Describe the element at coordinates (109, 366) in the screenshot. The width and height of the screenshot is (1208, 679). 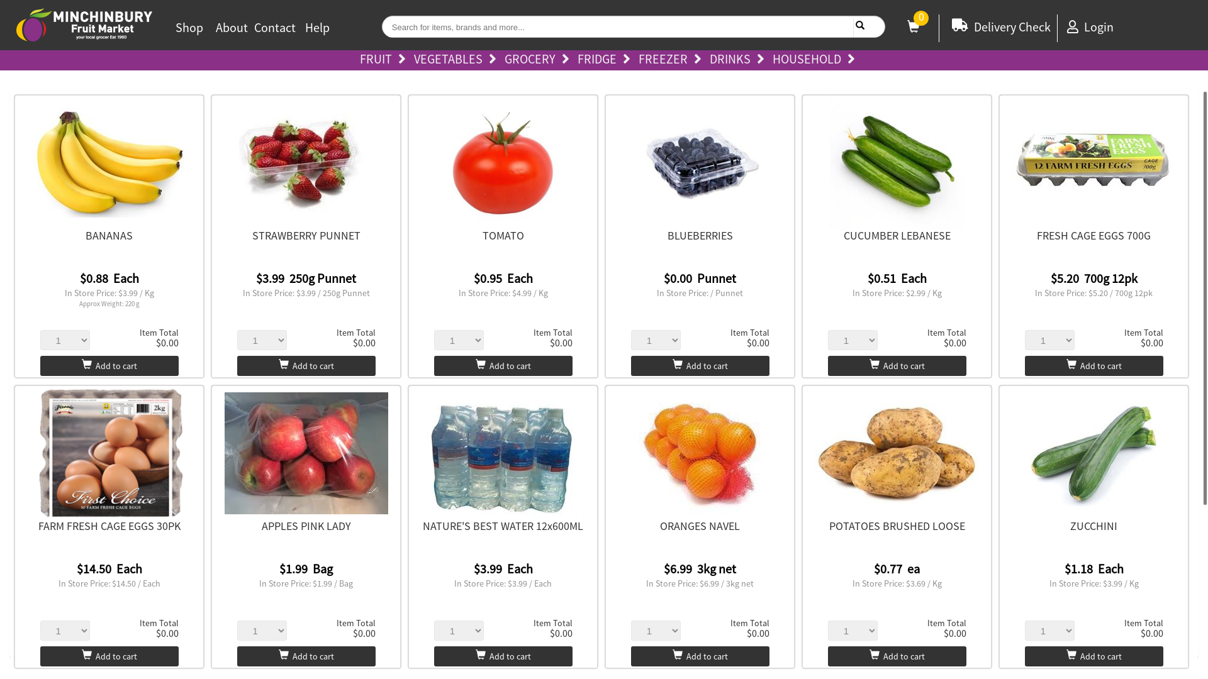
I see `'Add to cart'` at that location.